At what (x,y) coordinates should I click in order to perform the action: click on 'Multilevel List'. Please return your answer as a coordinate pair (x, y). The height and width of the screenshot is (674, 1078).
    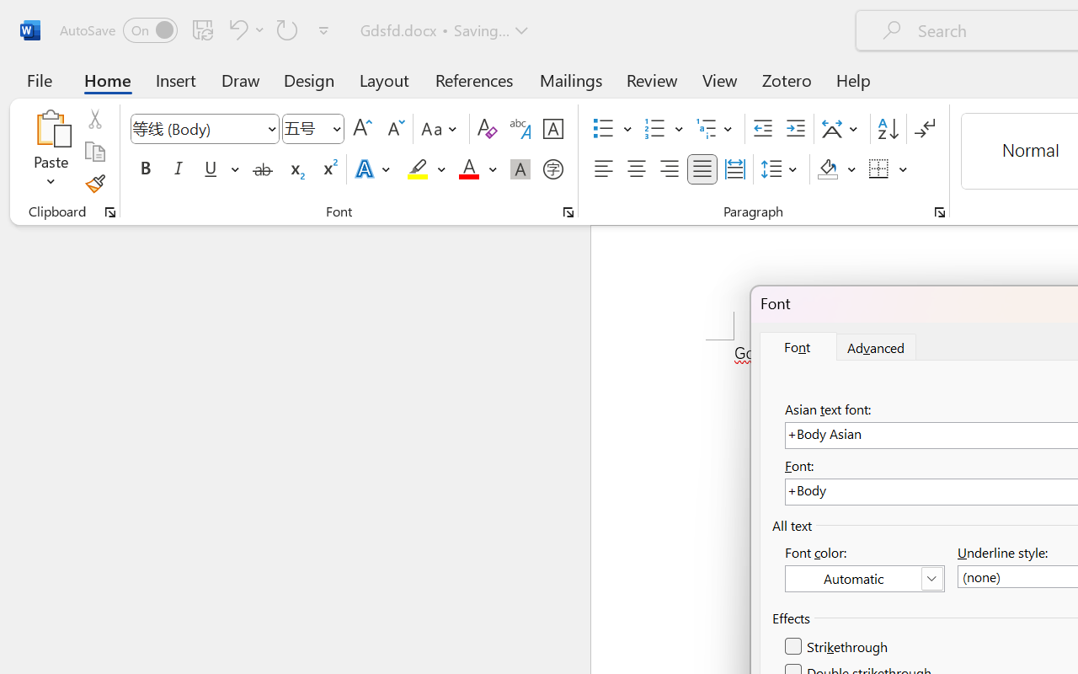
    Looking at the image, I should click on (716, 129).